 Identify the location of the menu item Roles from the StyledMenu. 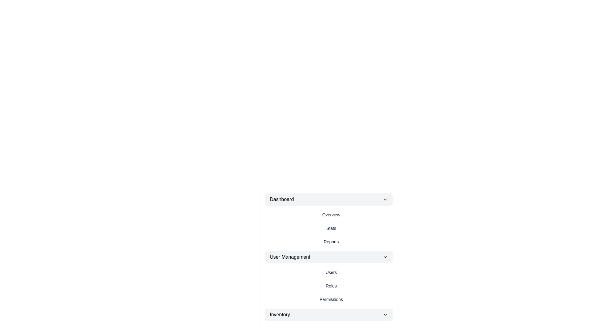
(331, 286).